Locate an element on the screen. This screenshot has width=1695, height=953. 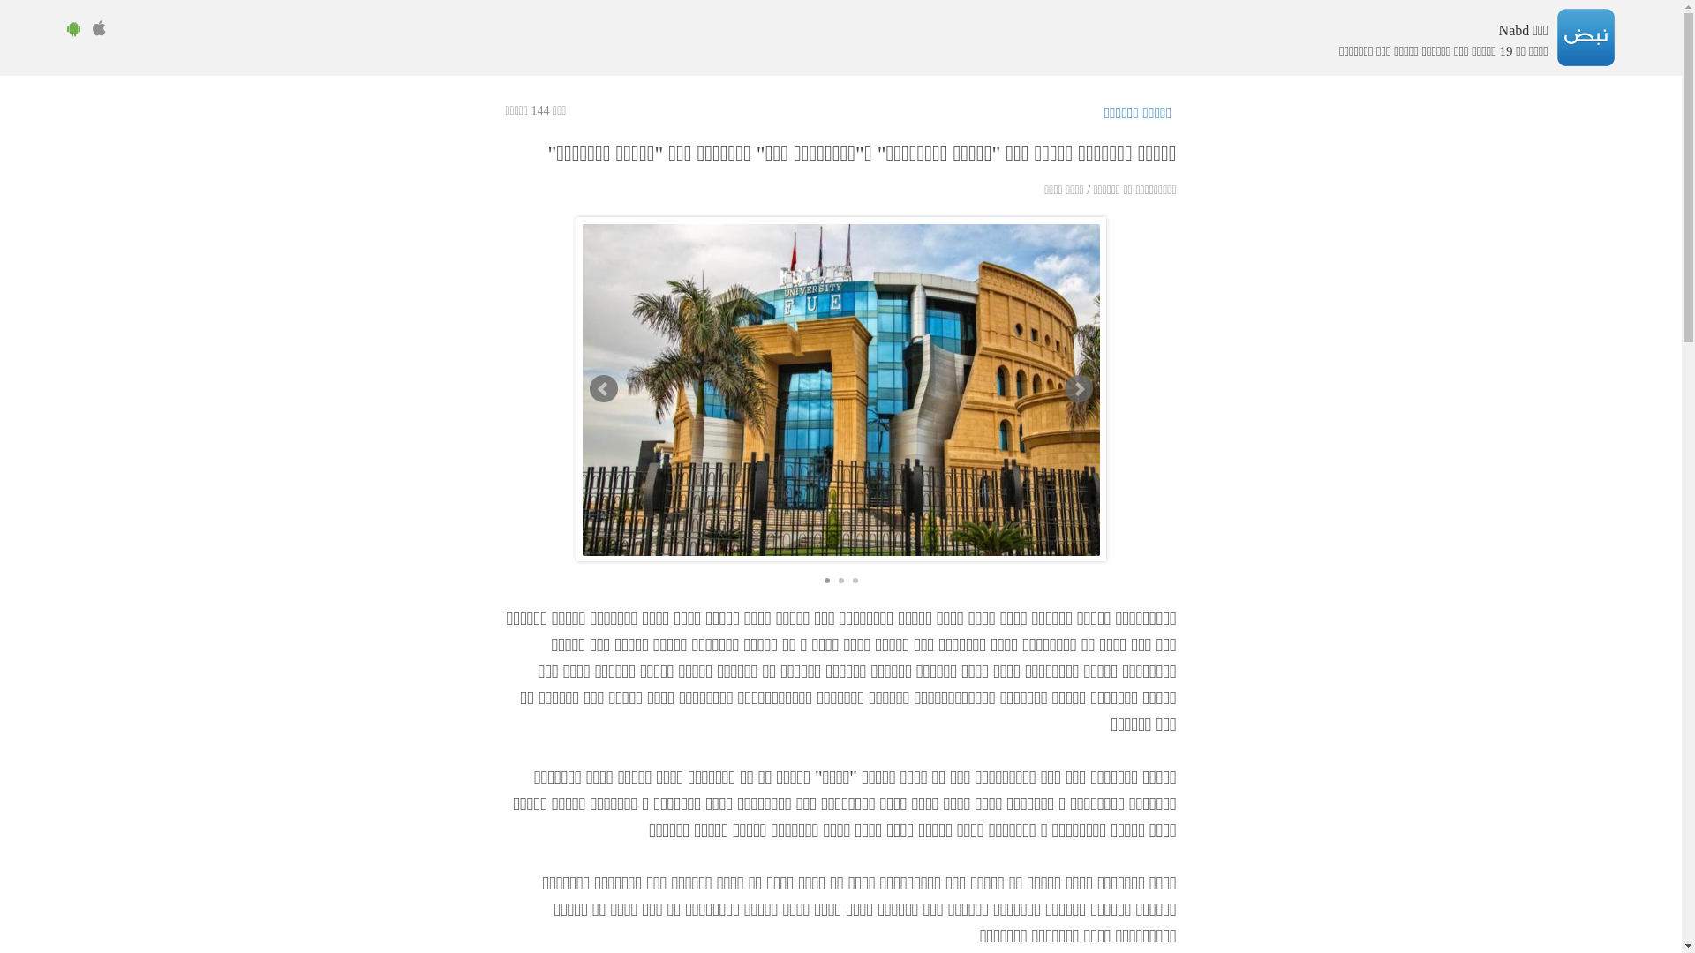
'3' is located at coordinates (855, 581).